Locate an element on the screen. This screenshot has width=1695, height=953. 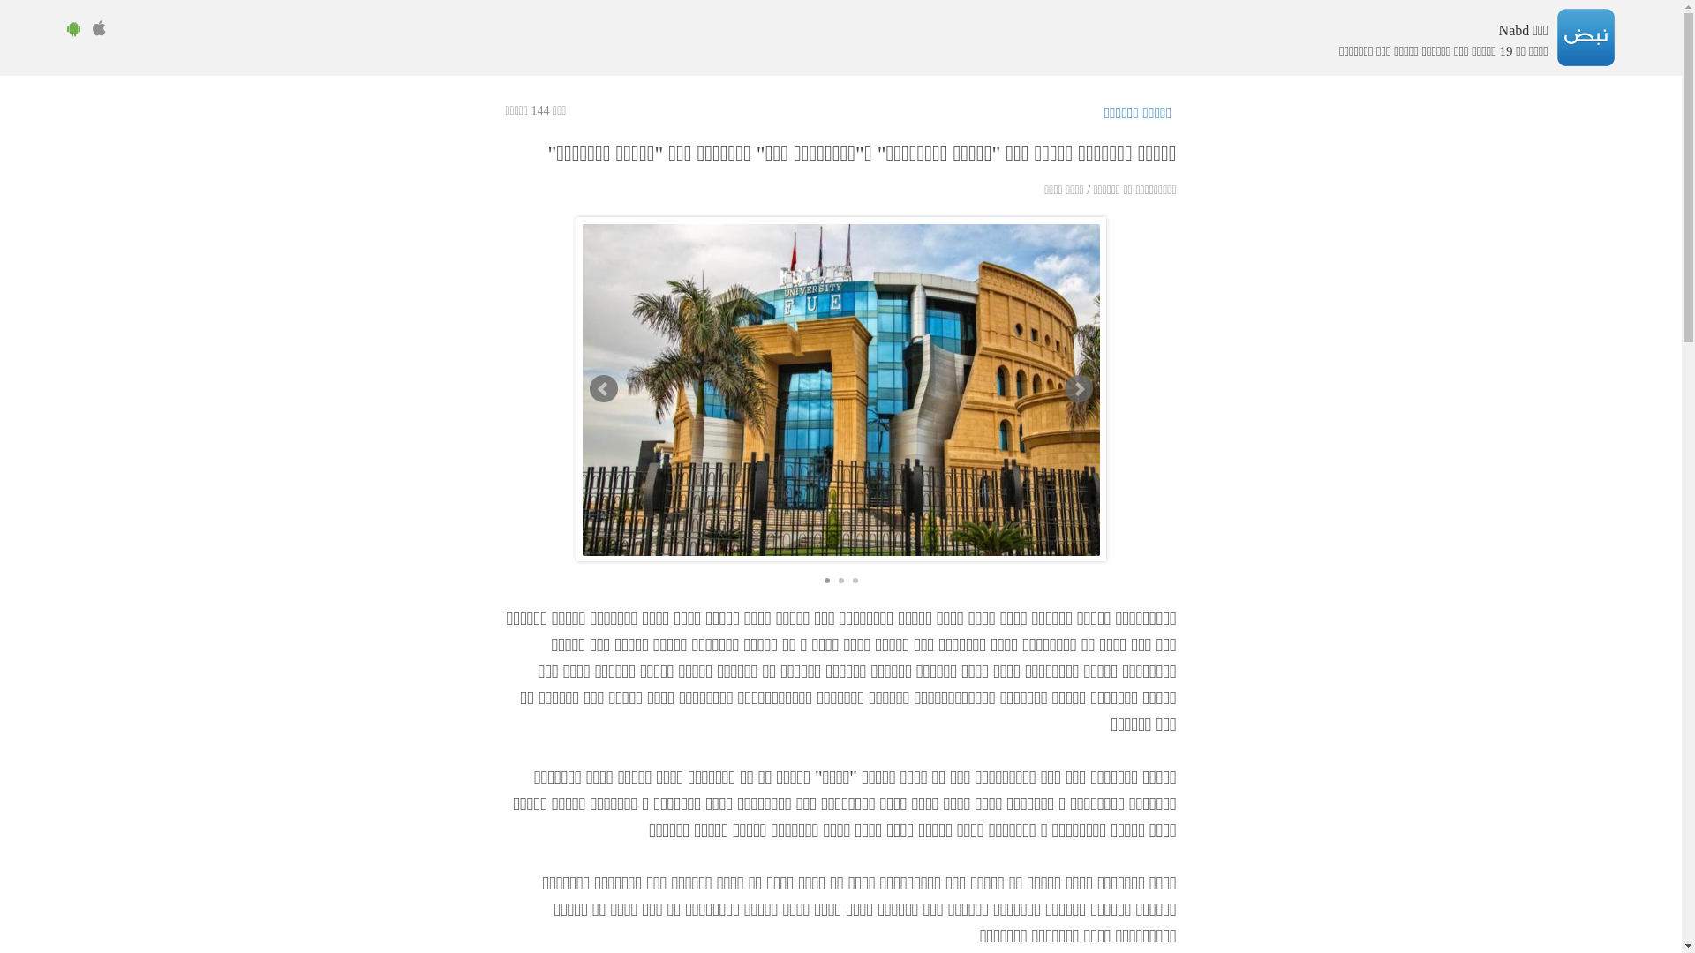
'3' is located at coordinates (855, 581).